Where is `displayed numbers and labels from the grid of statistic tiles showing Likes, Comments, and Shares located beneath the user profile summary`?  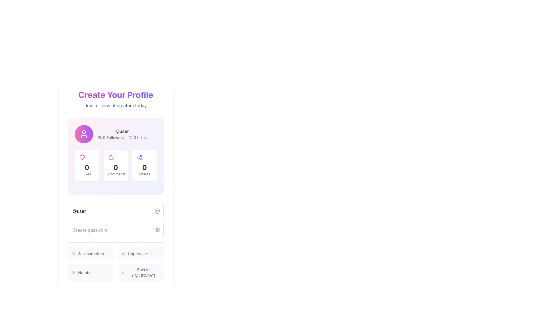
displayed numbers and labels from the grid of statistic tiles showing Likes, Comments, and Shares located beneath the user profile summary is located at coordinates (115, 165).